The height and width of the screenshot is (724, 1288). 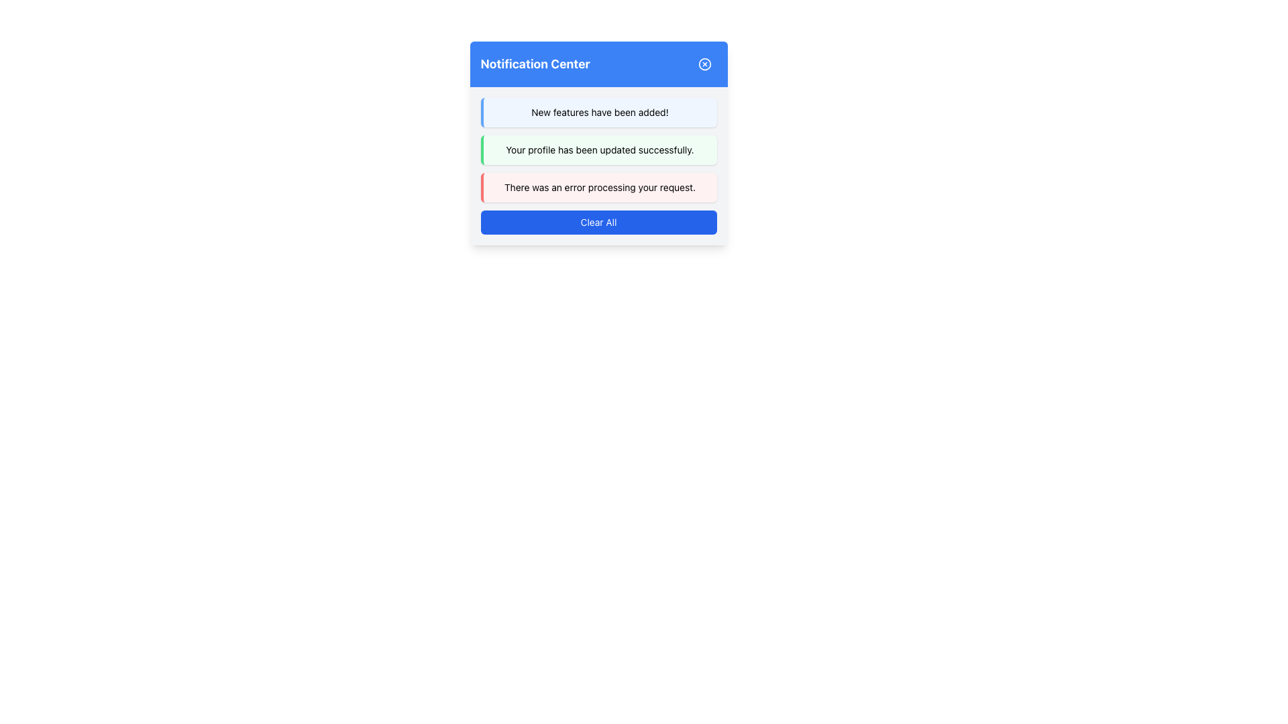 I want to click on text from the title Text Label located at the top left of the blue panel in the header bar, so click(x=535, y=64).